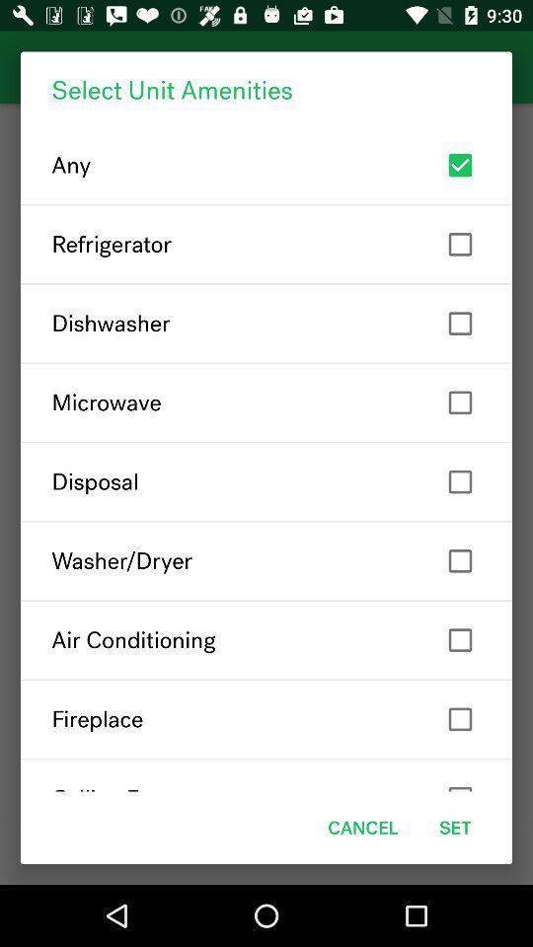  What do you see at coordinates (266, 718) in the screenshot?
I see `fireplace item` at bounding box center [266, 718].